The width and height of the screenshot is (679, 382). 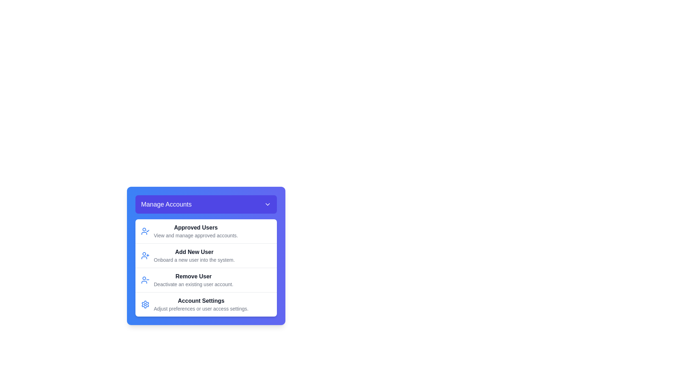 What do you see at coordinates (193, 279) in the screenshot?
I see `text of the label indicating the option to remove or deactivate a user account, which is positioned in the third row of the 'Manage Accounts' card, below 'Add New User' and above 'Account Settings'` at bounding box center [193, 279].